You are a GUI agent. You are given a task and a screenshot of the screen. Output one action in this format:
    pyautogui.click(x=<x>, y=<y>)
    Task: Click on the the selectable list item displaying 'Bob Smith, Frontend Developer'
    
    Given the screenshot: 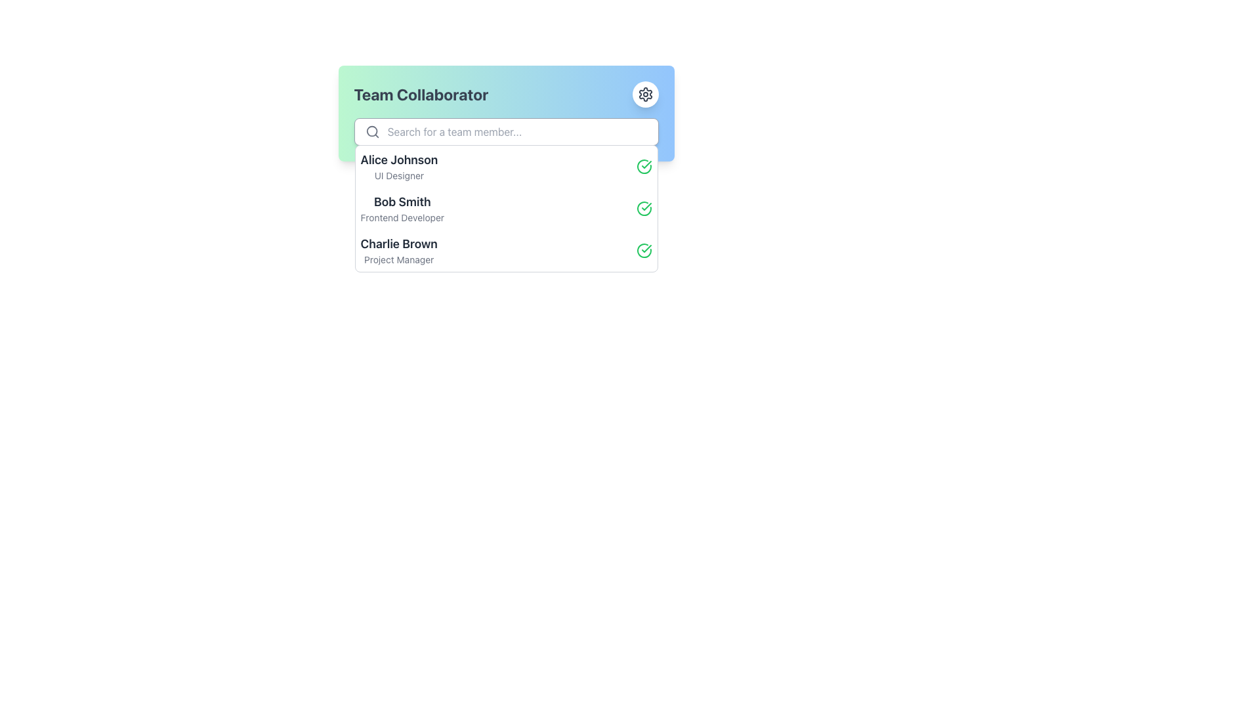 What is the action you would take?
    pyautogui.click(x=505, y=207)
    